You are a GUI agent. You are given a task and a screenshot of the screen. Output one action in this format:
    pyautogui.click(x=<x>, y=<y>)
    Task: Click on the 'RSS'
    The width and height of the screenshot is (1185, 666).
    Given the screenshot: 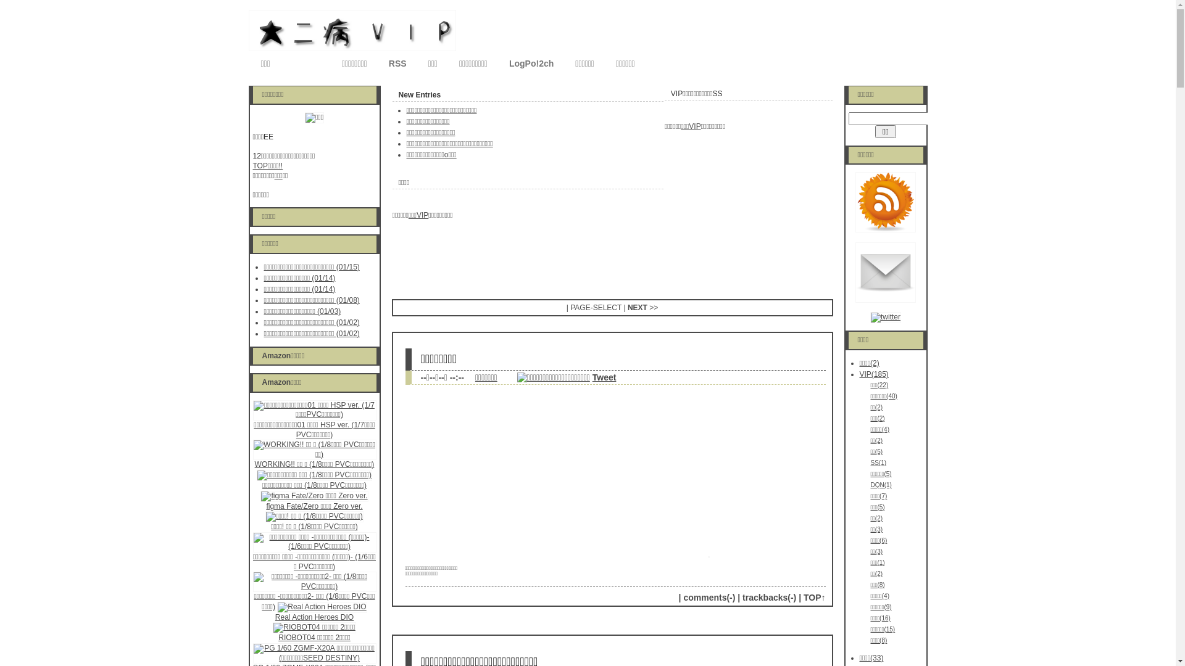 What is the action you would take?
    pyautogui.click(x=397, y=65)
    